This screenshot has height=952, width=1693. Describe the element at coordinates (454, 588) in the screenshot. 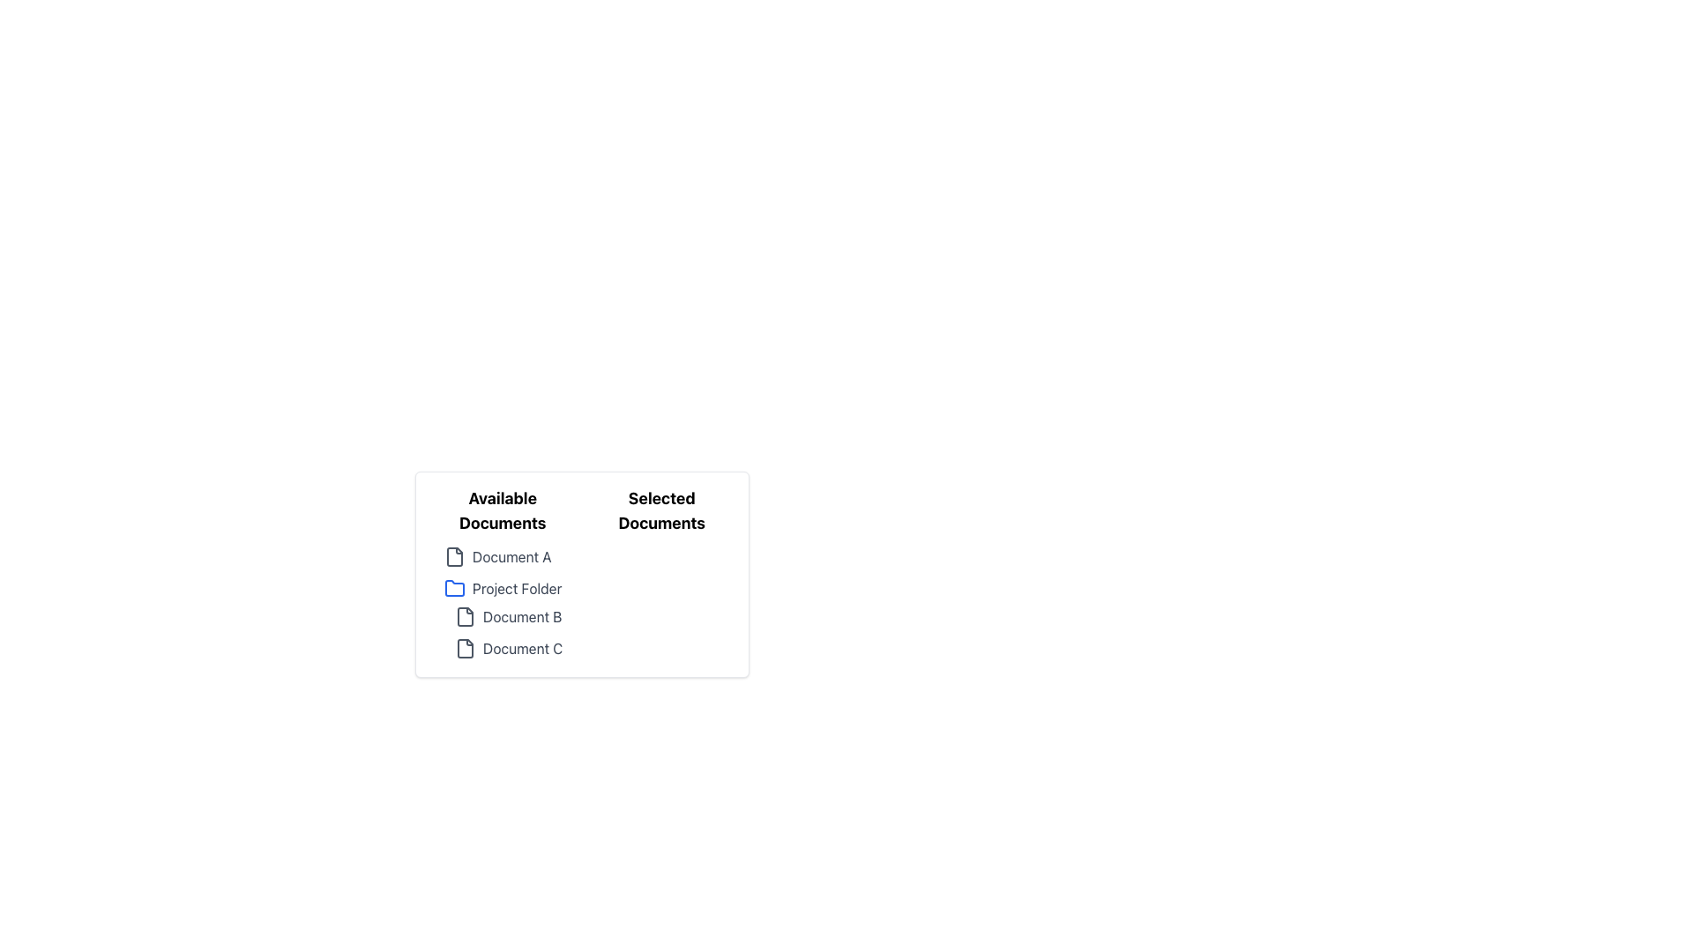

I see `the blue outlined folder icon associated with the 'Project Folder' label` at that location.